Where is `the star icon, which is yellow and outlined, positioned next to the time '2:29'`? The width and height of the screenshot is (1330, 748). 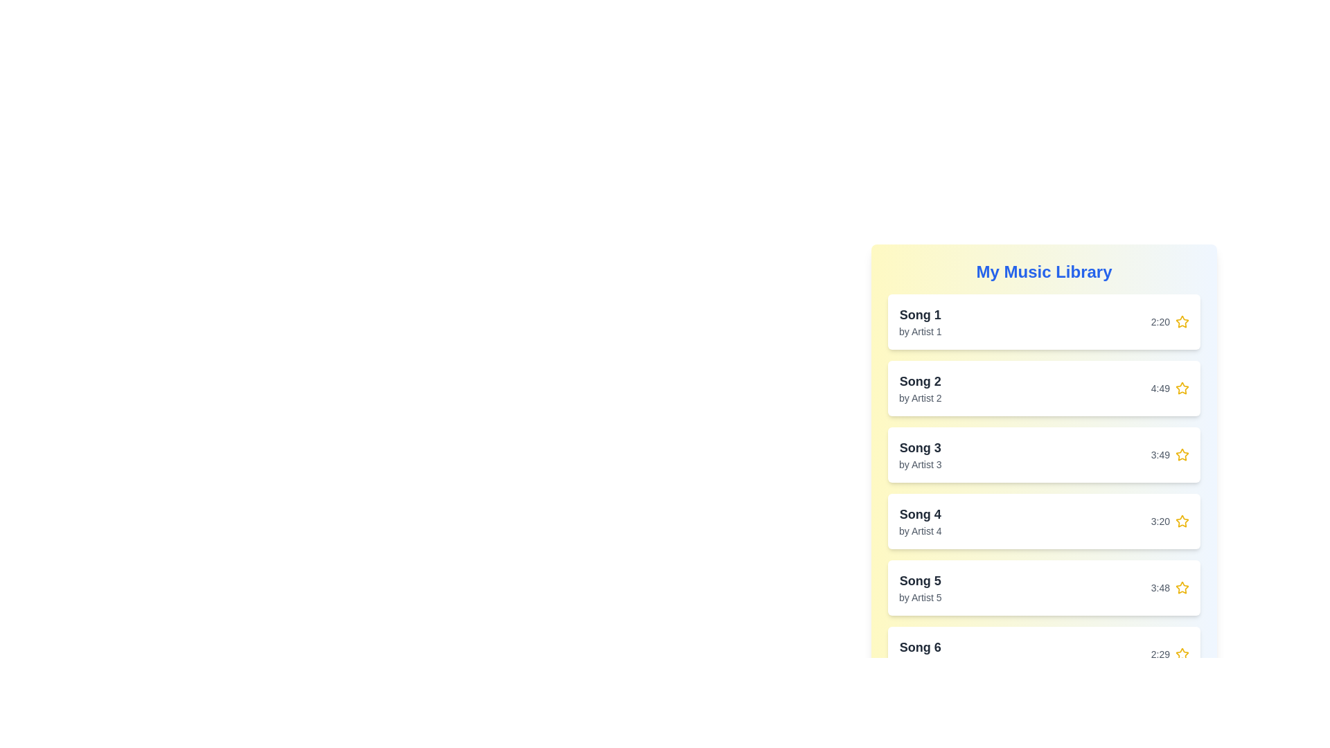 the star icon, which is yellow and outlined, positioned next to the time '2:29' is located at coordinates (1182, 654).